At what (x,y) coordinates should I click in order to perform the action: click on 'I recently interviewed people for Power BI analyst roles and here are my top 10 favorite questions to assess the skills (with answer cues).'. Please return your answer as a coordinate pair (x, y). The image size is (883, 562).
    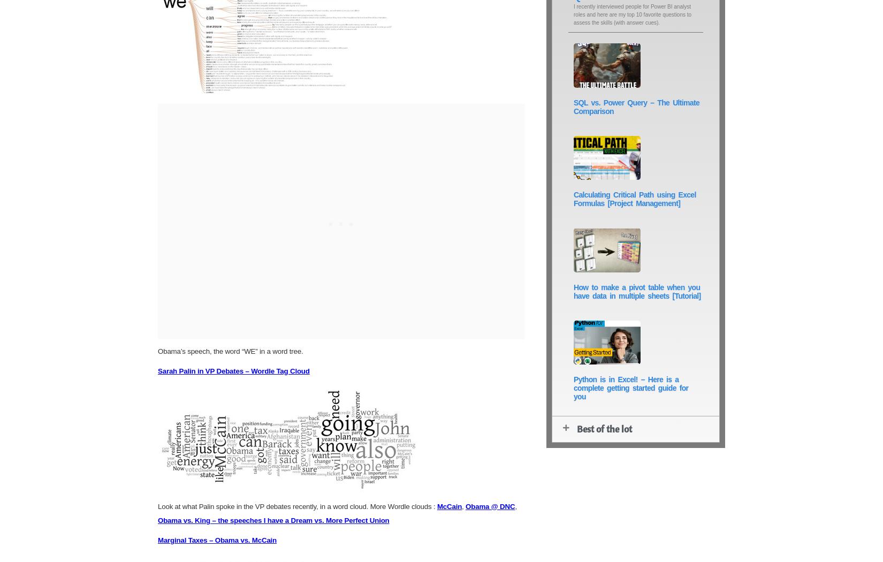
    Looking at the image, I should click on (632, 14).